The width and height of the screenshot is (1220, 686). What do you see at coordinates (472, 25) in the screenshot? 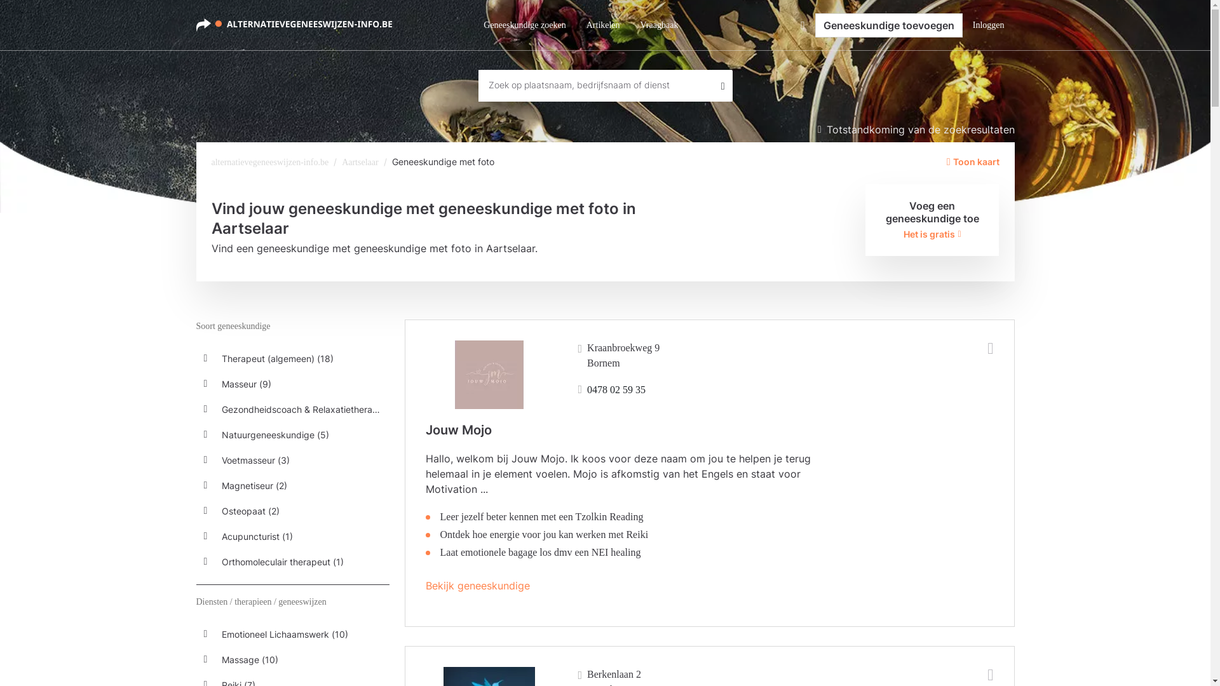
I see `'Geneeskundige zoeken'` at bounding box center [472, 25].